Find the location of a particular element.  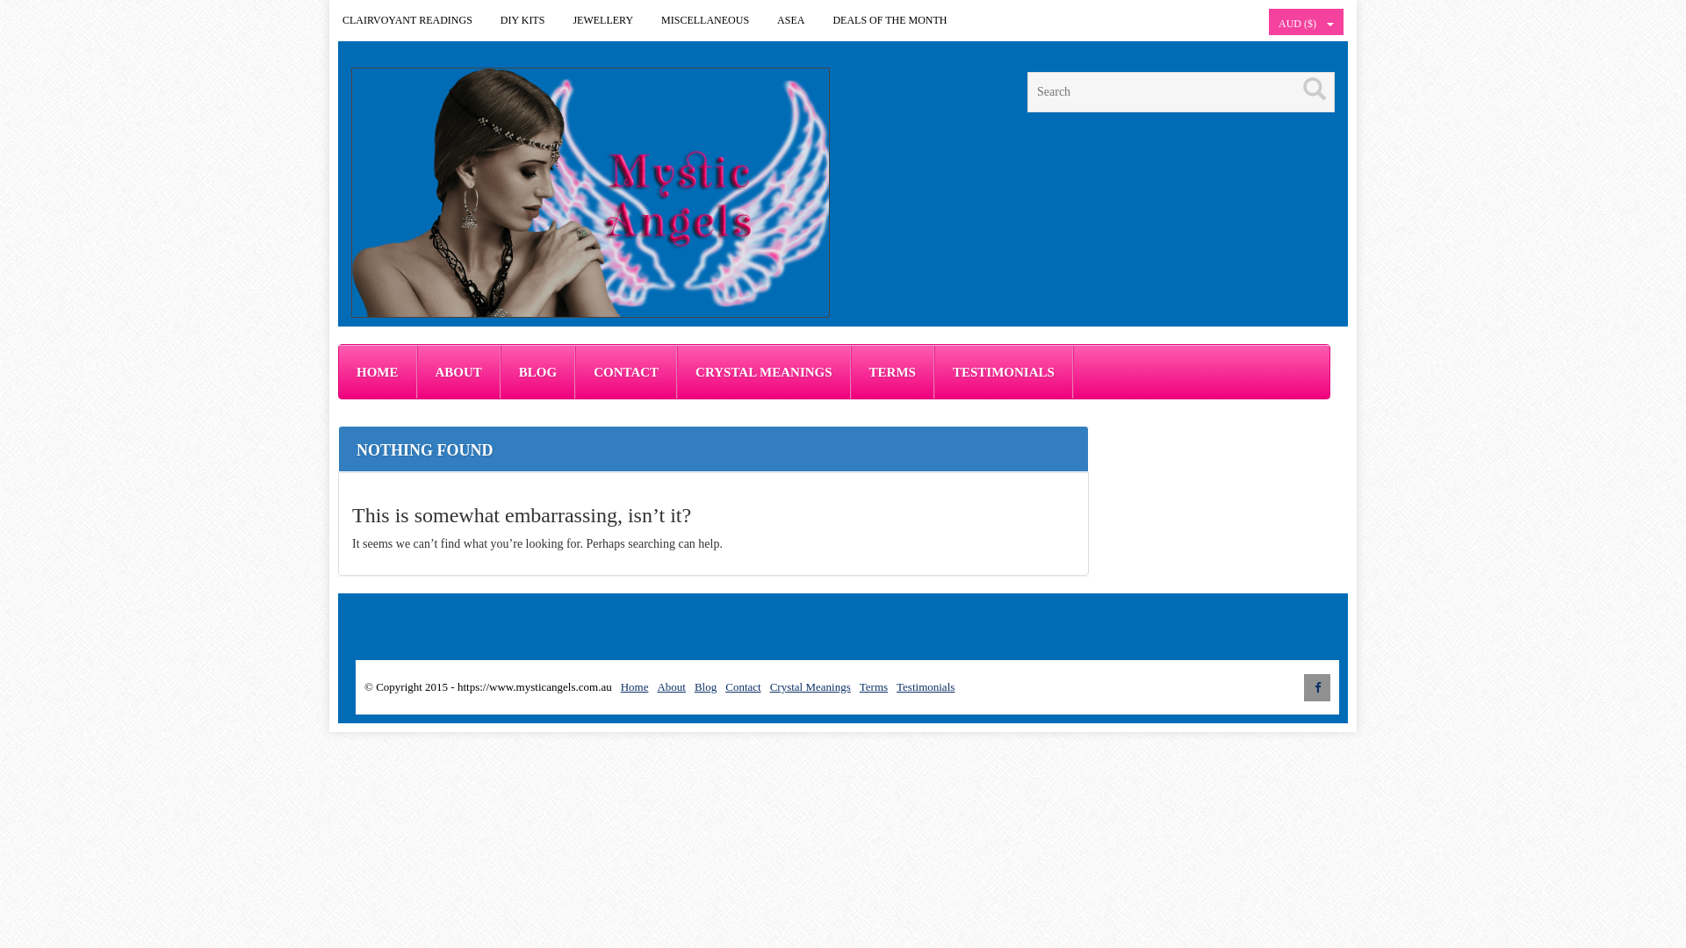

'Contact' is located at coordinates (742, 686).